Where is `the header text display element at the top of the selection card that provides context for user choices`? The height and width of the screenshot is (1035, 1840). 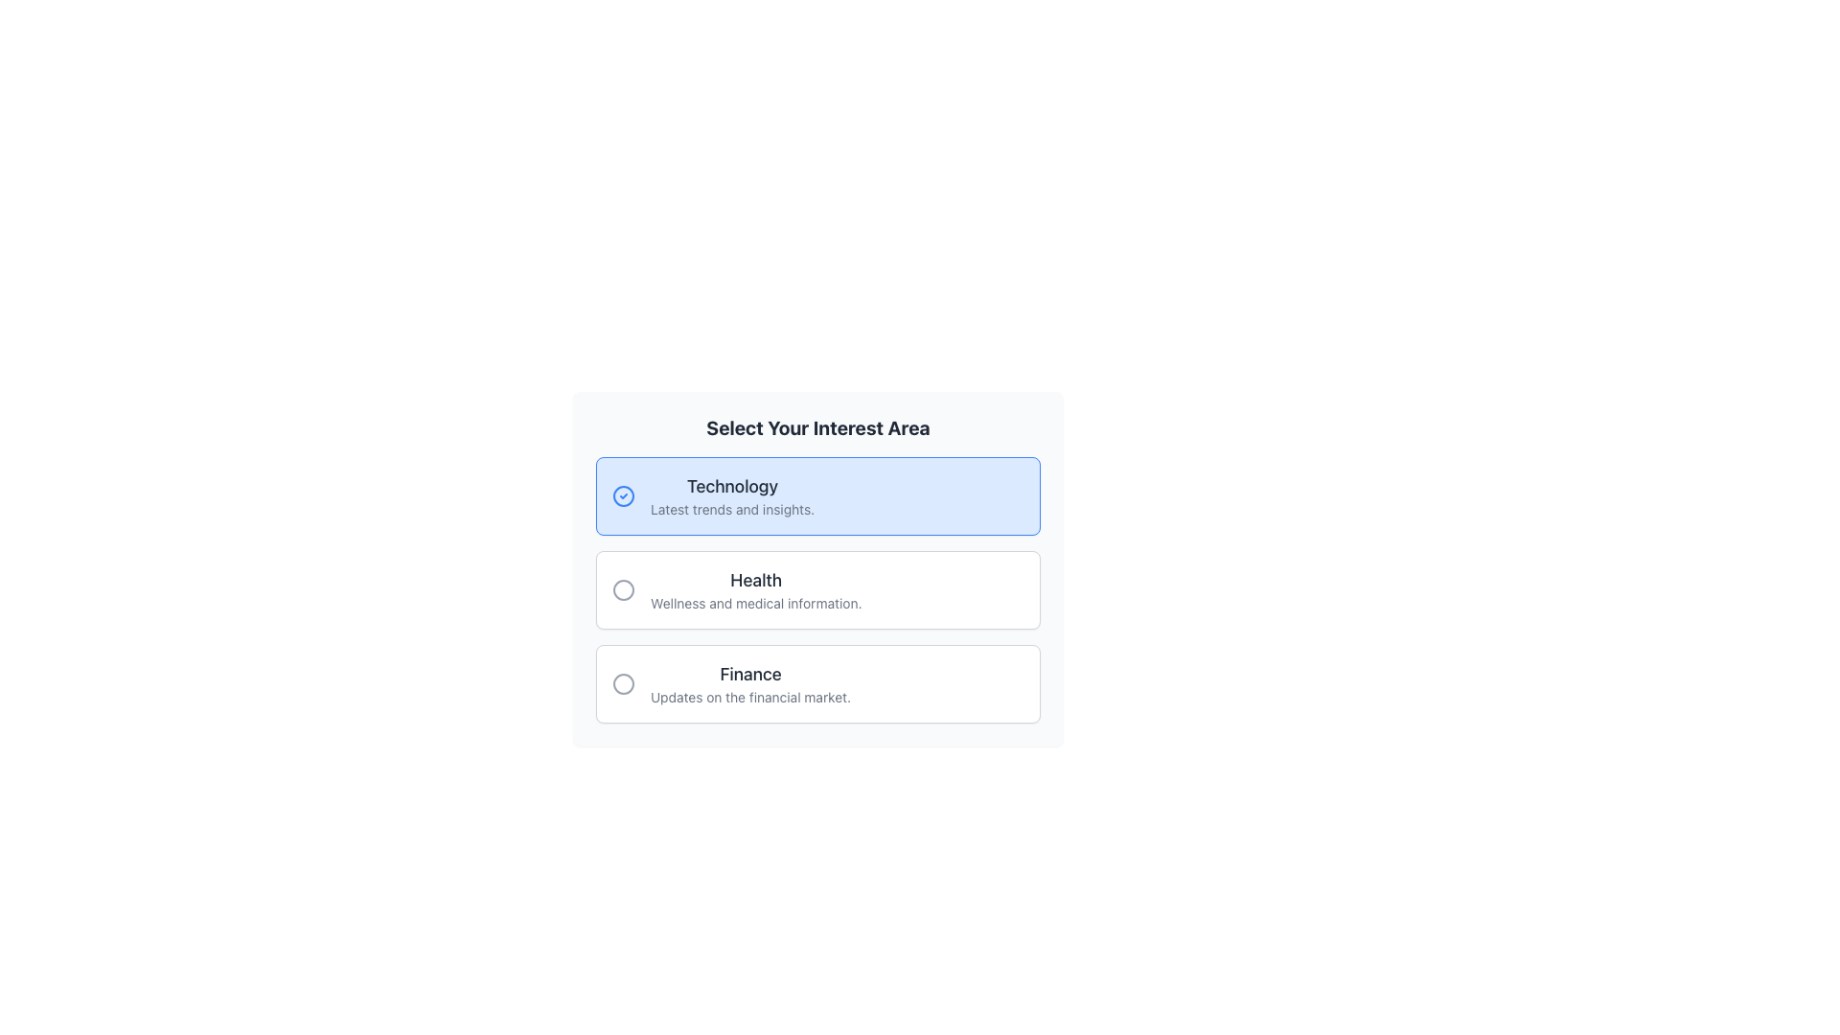
the header text display element at the top of the selection card that provides context for user choices is located at coordinates (818, 427).